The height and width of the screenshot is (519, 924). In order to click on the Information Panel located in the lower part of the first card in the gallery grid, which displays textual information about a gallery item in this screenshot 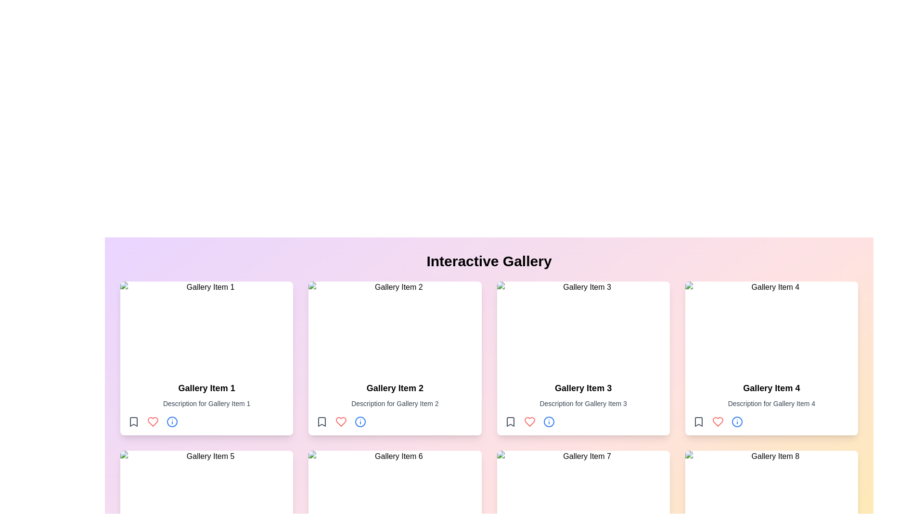, I will do `click(206, 404)`.